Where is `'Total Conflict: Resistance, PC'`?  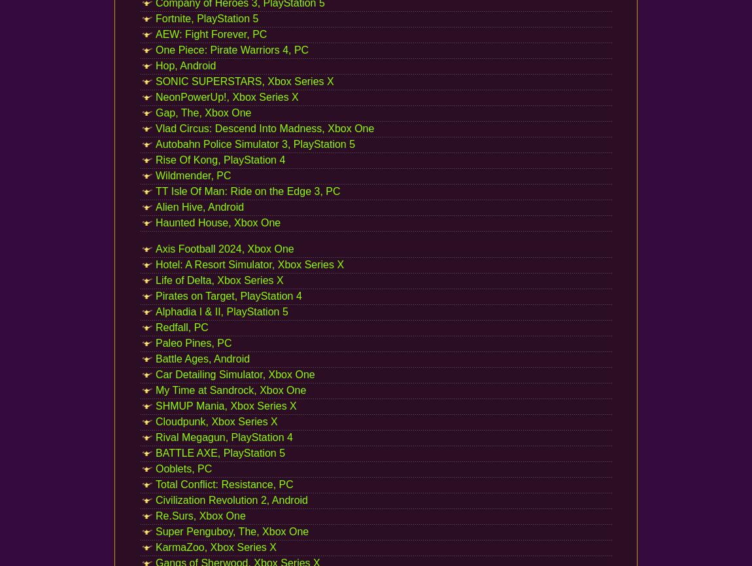 'Total Conflict: Resistance, PC' is located at coordinates (224, 484).